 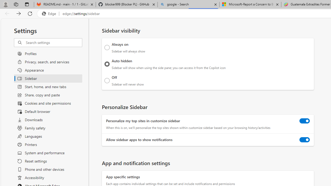 What do you see at coordinates (50, 13) in the screenshot?
I see `'Edge'` at bounding box center [50, 13].